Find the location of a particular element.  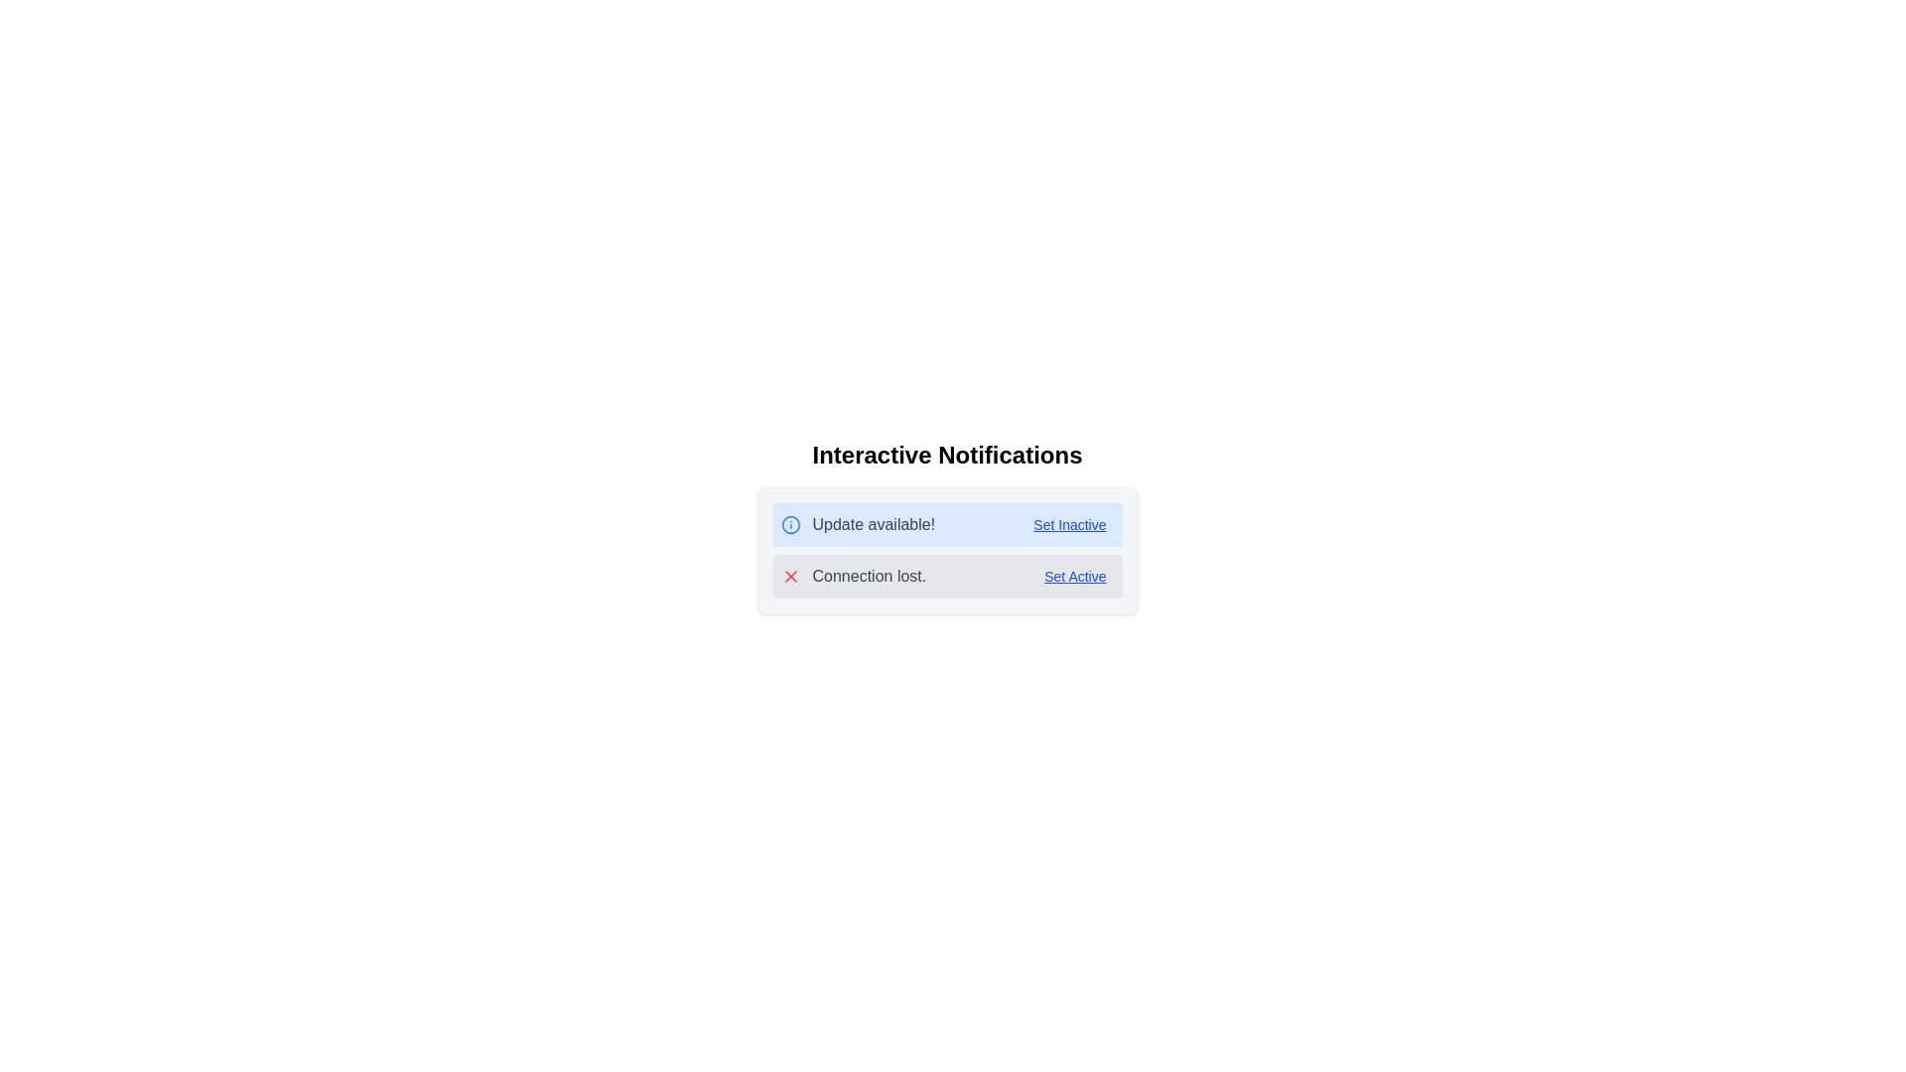

the second Text Label in the notification panel that alerts the user about an available update is located at coordinates (874, 523).